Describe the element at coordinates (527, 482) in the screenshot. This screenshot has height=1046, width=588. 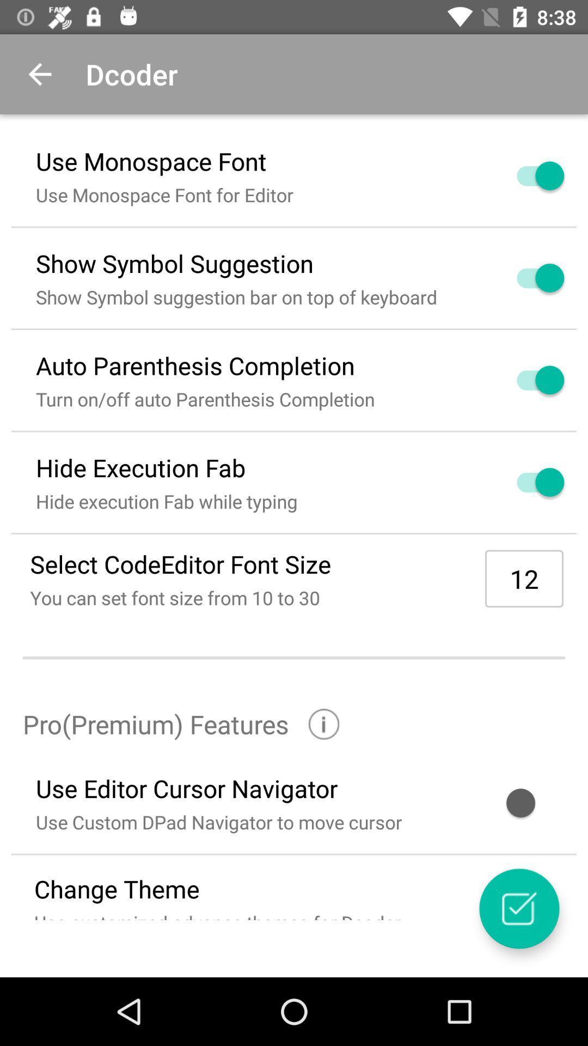
I see `open hide execution fab` at that location.